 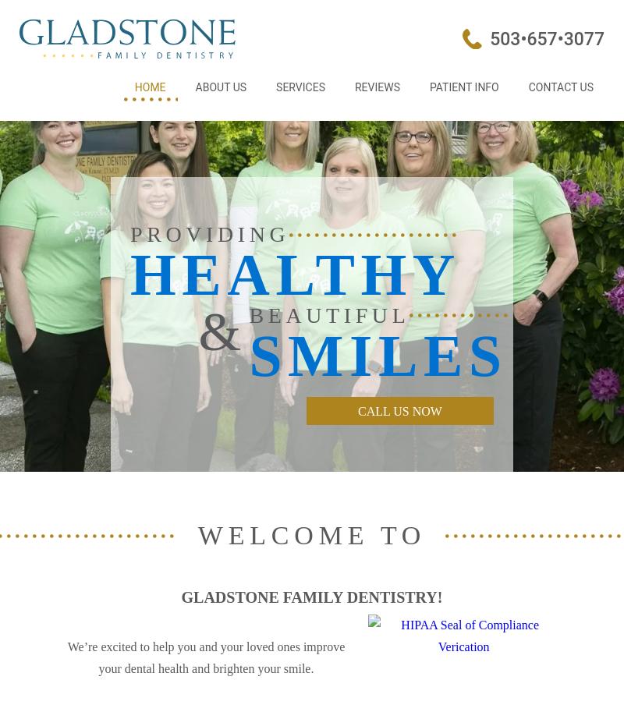 What do you see at coordinates (463, 169) in the screenshot?
I see `'Dental FAQs'` at bounding box center [463, 169].